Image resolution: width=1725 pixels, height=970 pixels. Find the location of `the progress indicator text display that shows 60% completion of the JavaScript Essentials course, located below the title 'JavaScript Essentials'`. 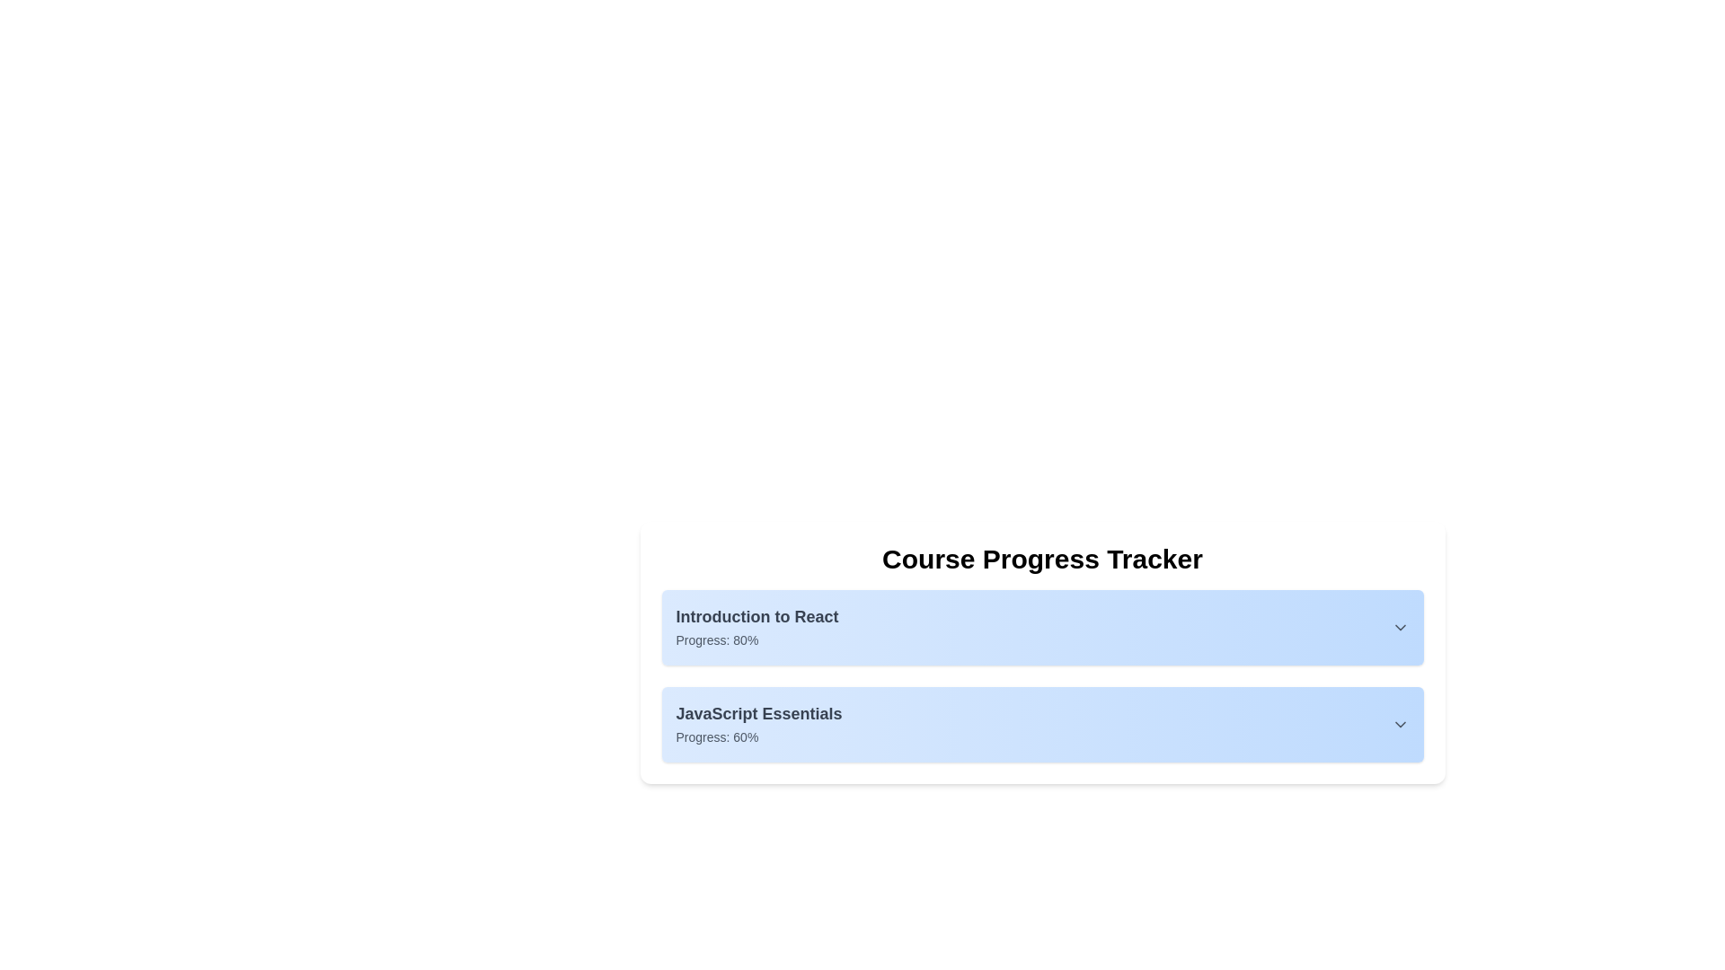

the progress indicator text display that shows 60% completion of the JavaScript Essentials course, located below the title 'JavaScript Essentials' is located at coordinates (716, 737).